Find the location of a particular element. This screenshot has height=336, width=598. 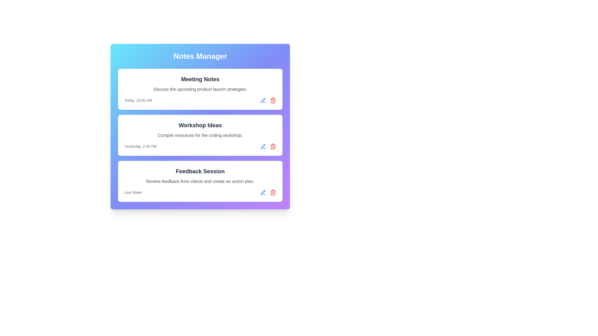

the trash icon of the note titled Feedback Session to delete it is located at coordinates (273, 192).